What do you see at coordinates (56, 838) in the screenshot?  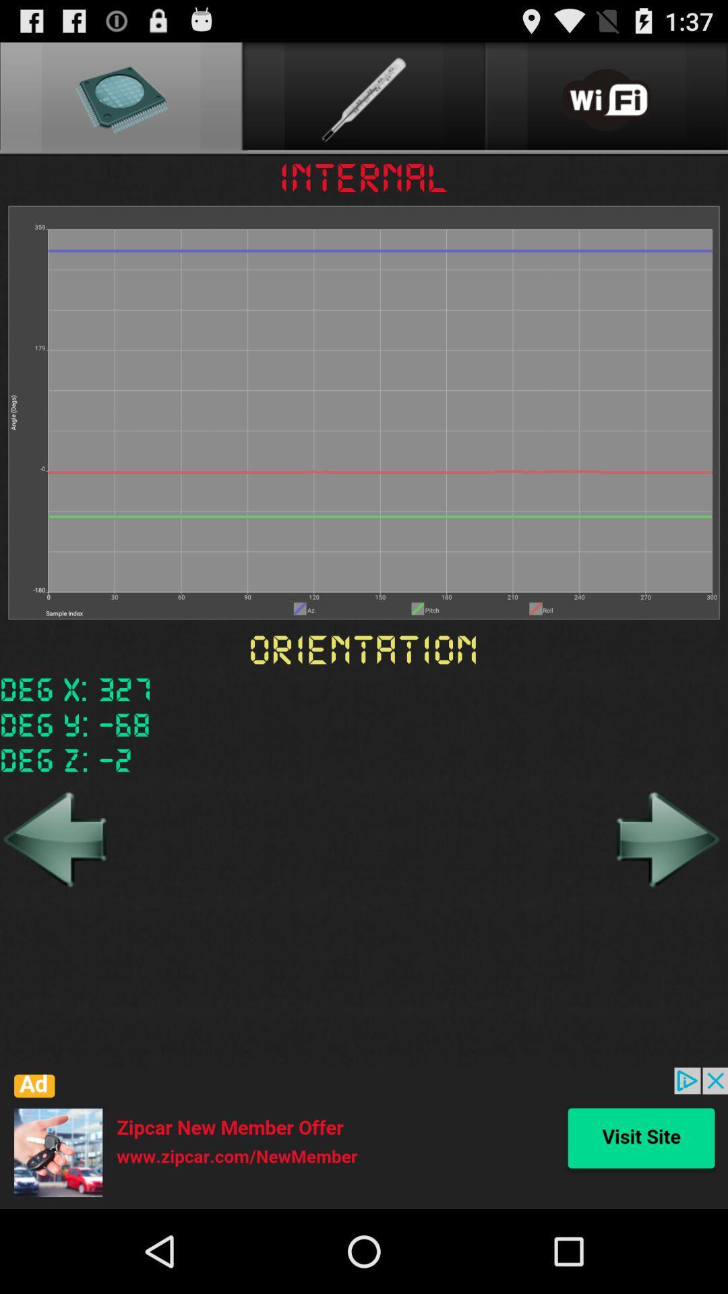 I see `back` at bounding box center [56, 838].